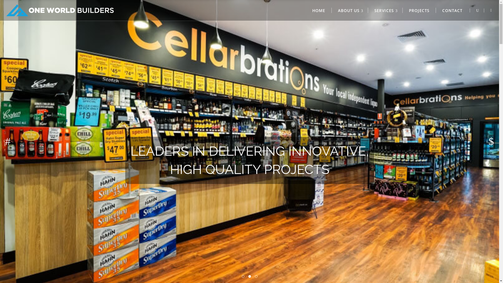 This screenshot has width=503, height=283. Describe the element at coordinates (419, 10) in the screenshot. I see `'PROJECTS'` at that location.